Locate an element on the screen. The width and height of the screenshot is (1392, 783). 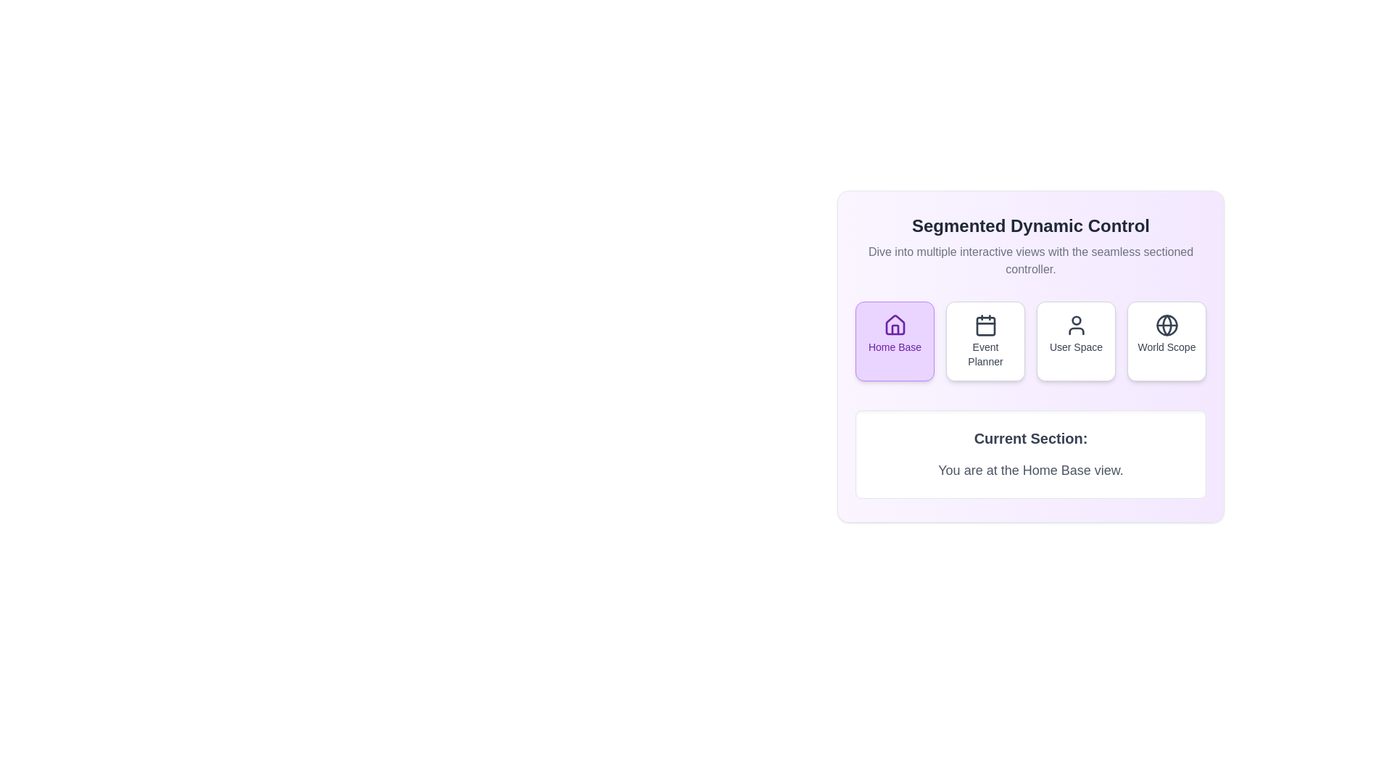
the first button in the grid layout, which serves as a navigation option to the 'Home Base' section, to activate hover effects is located at coordinates (894, 341).